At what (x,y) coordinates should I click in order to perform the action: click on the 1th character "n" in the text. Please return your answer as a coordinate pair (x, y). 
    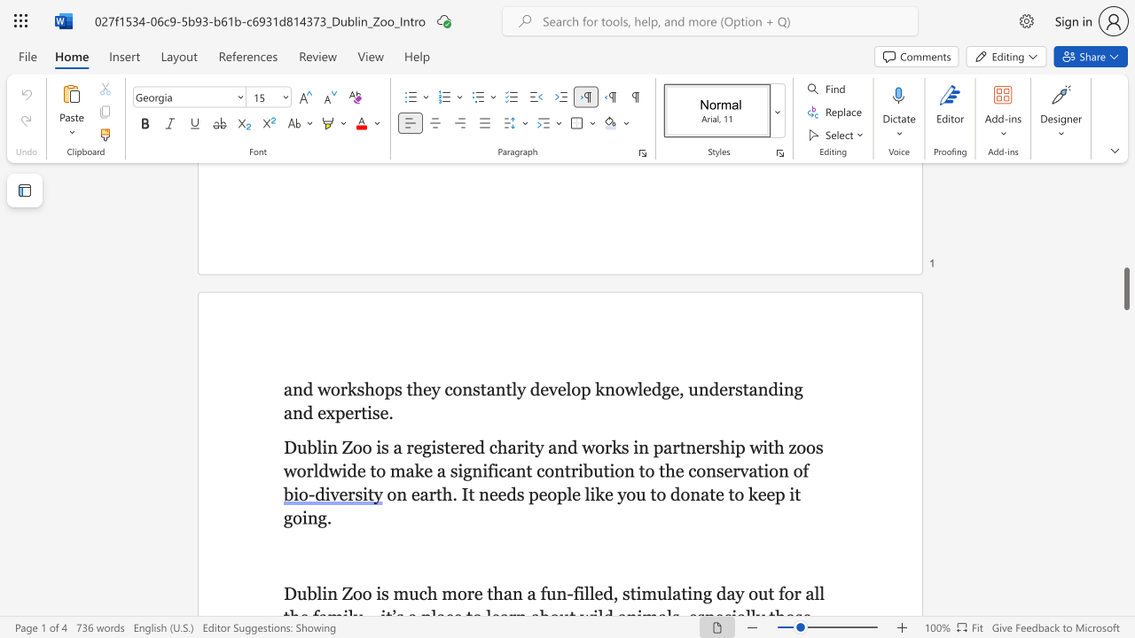
    Looking at the image, I should click on (610, 388).